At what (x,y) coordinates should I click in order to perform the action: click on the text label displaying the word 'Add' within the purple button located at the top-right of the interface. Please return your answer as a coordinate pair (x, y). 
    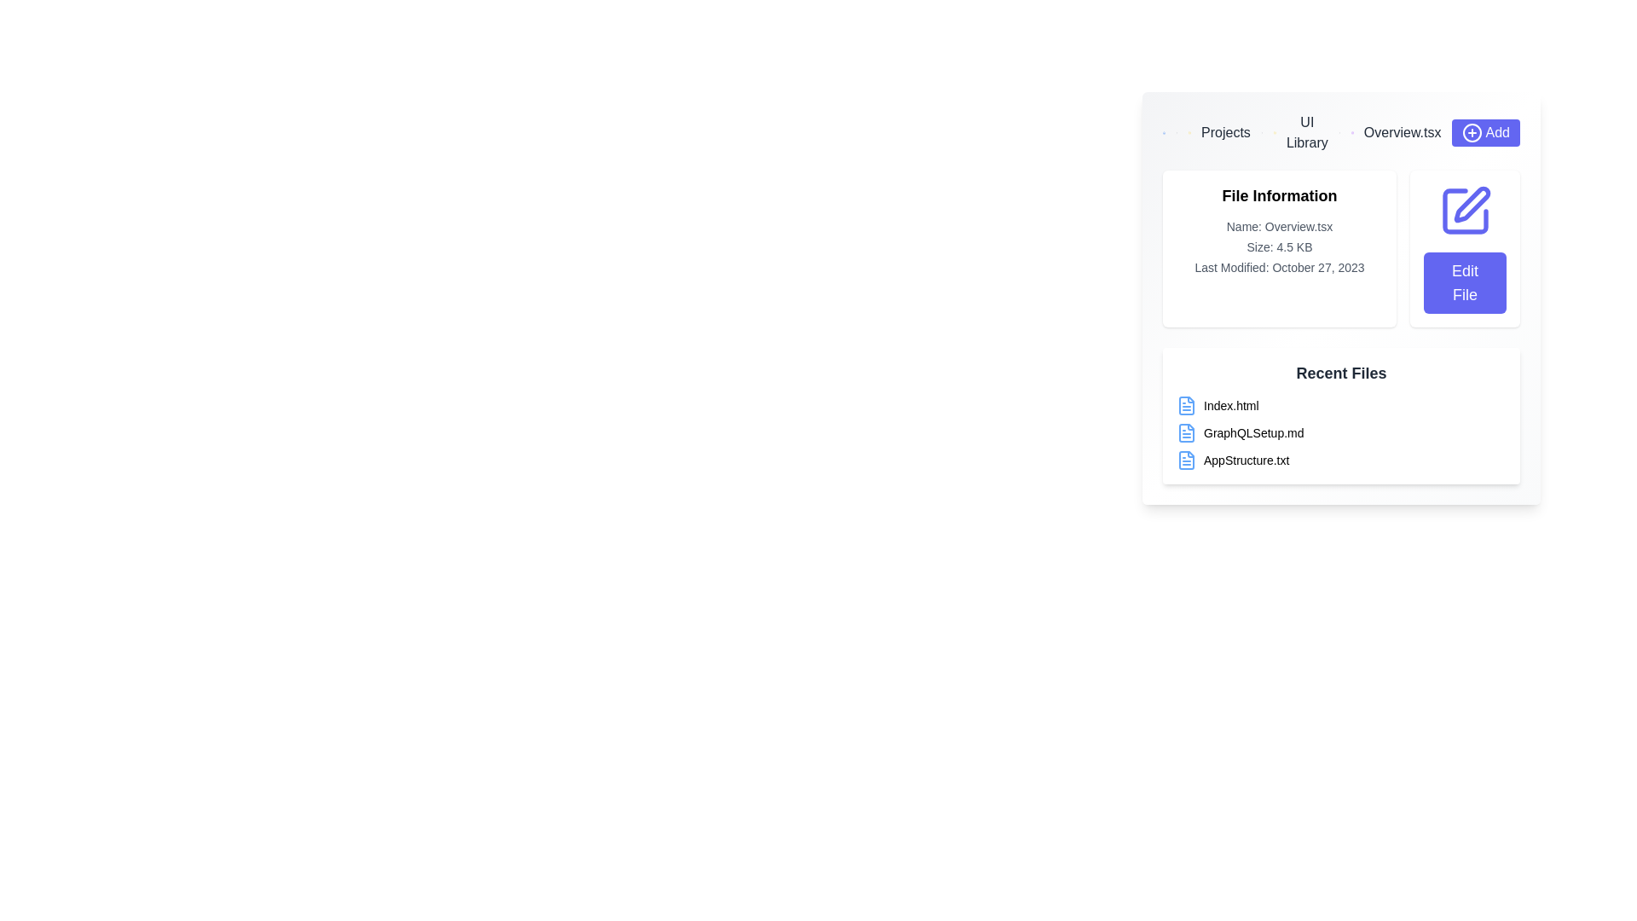
    Looking at the image, I should click on (1496, 131).